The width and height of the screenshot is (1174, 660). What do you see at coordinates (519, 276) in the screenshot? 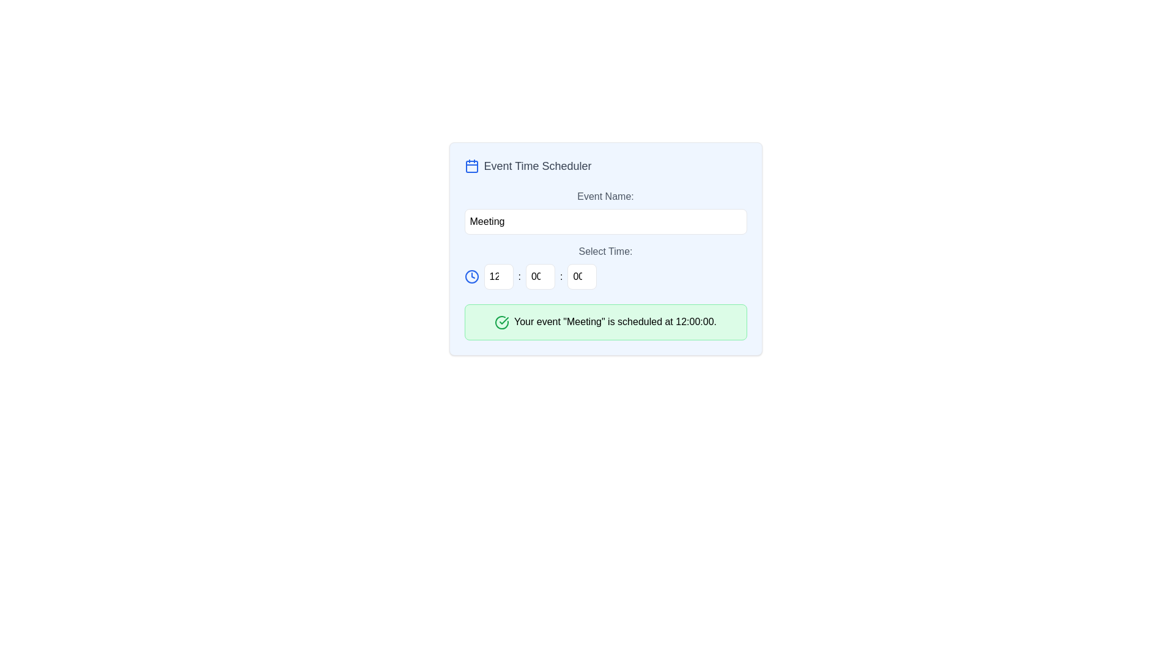
I see `the static colon element positioned between the hour input field (12) and the minute input field (00) in the time selection interface` at bounding box center [519, 276].